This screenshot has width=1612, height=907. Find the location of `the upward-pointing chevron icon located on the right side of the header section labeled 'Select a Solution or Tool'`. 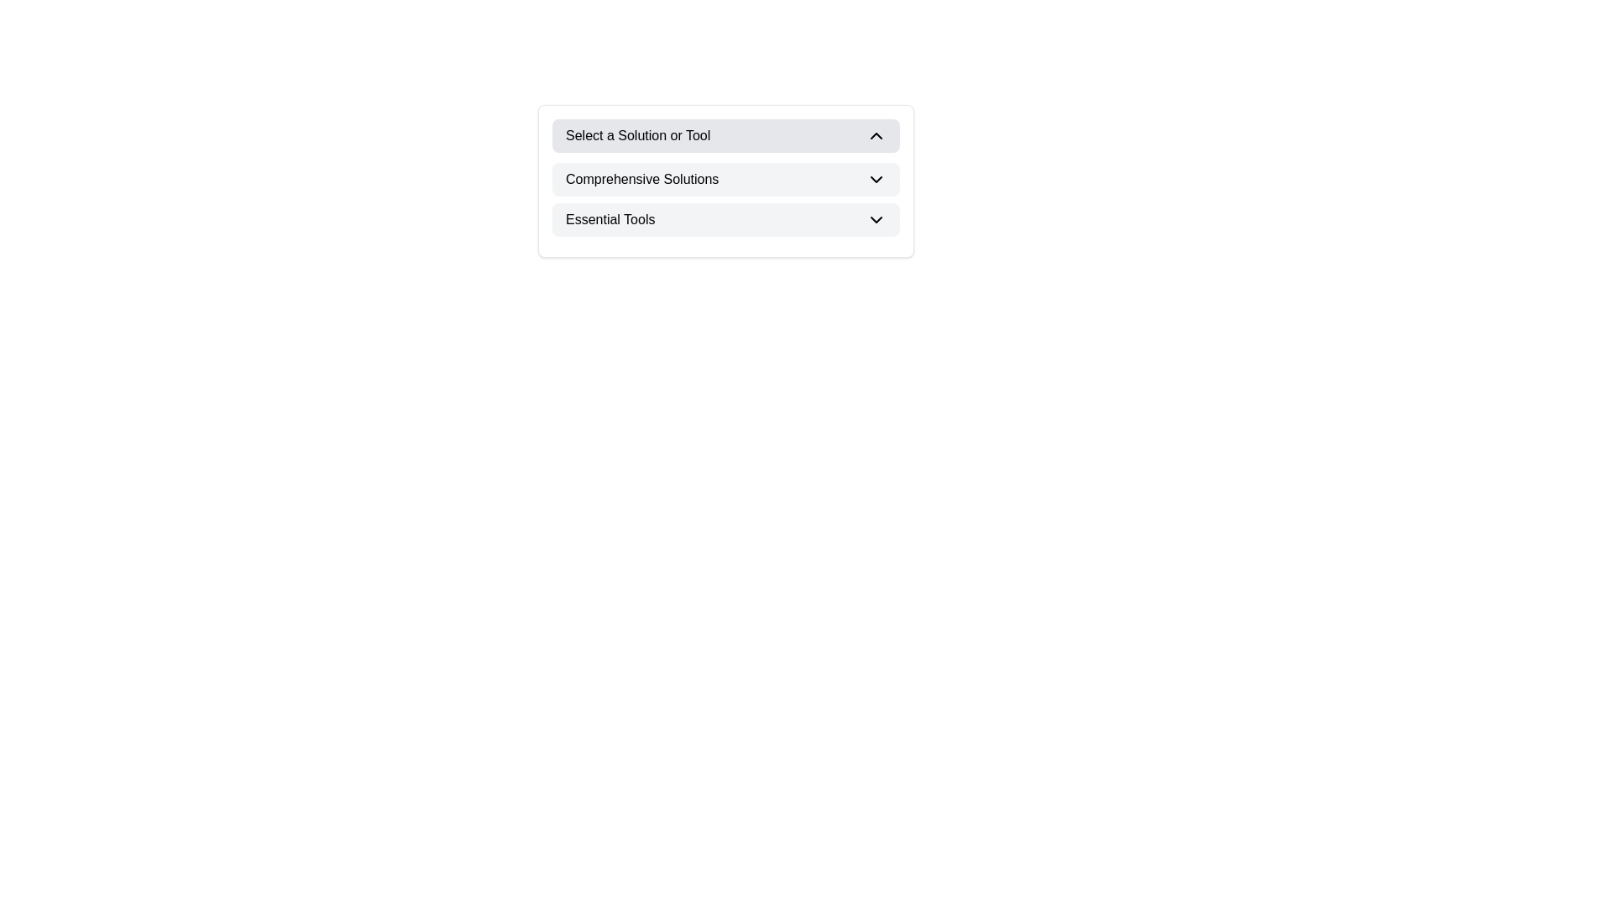

the upward-pointing chevron icon located on the right side of the header section labeled 'Select a Solution or Tool' is located at coordinates (875, 135).